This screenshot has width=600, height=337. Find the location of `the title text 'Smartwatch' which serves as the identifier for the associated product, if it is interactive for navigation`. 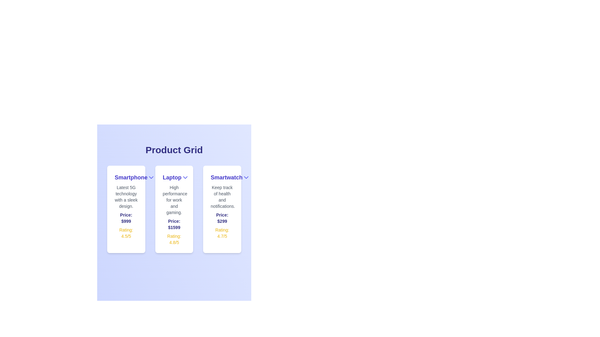

the title text 'Smartwatch' which serves as the identifier for the associated product, if it is interactive for navigation is located at coordinates (222, 178).